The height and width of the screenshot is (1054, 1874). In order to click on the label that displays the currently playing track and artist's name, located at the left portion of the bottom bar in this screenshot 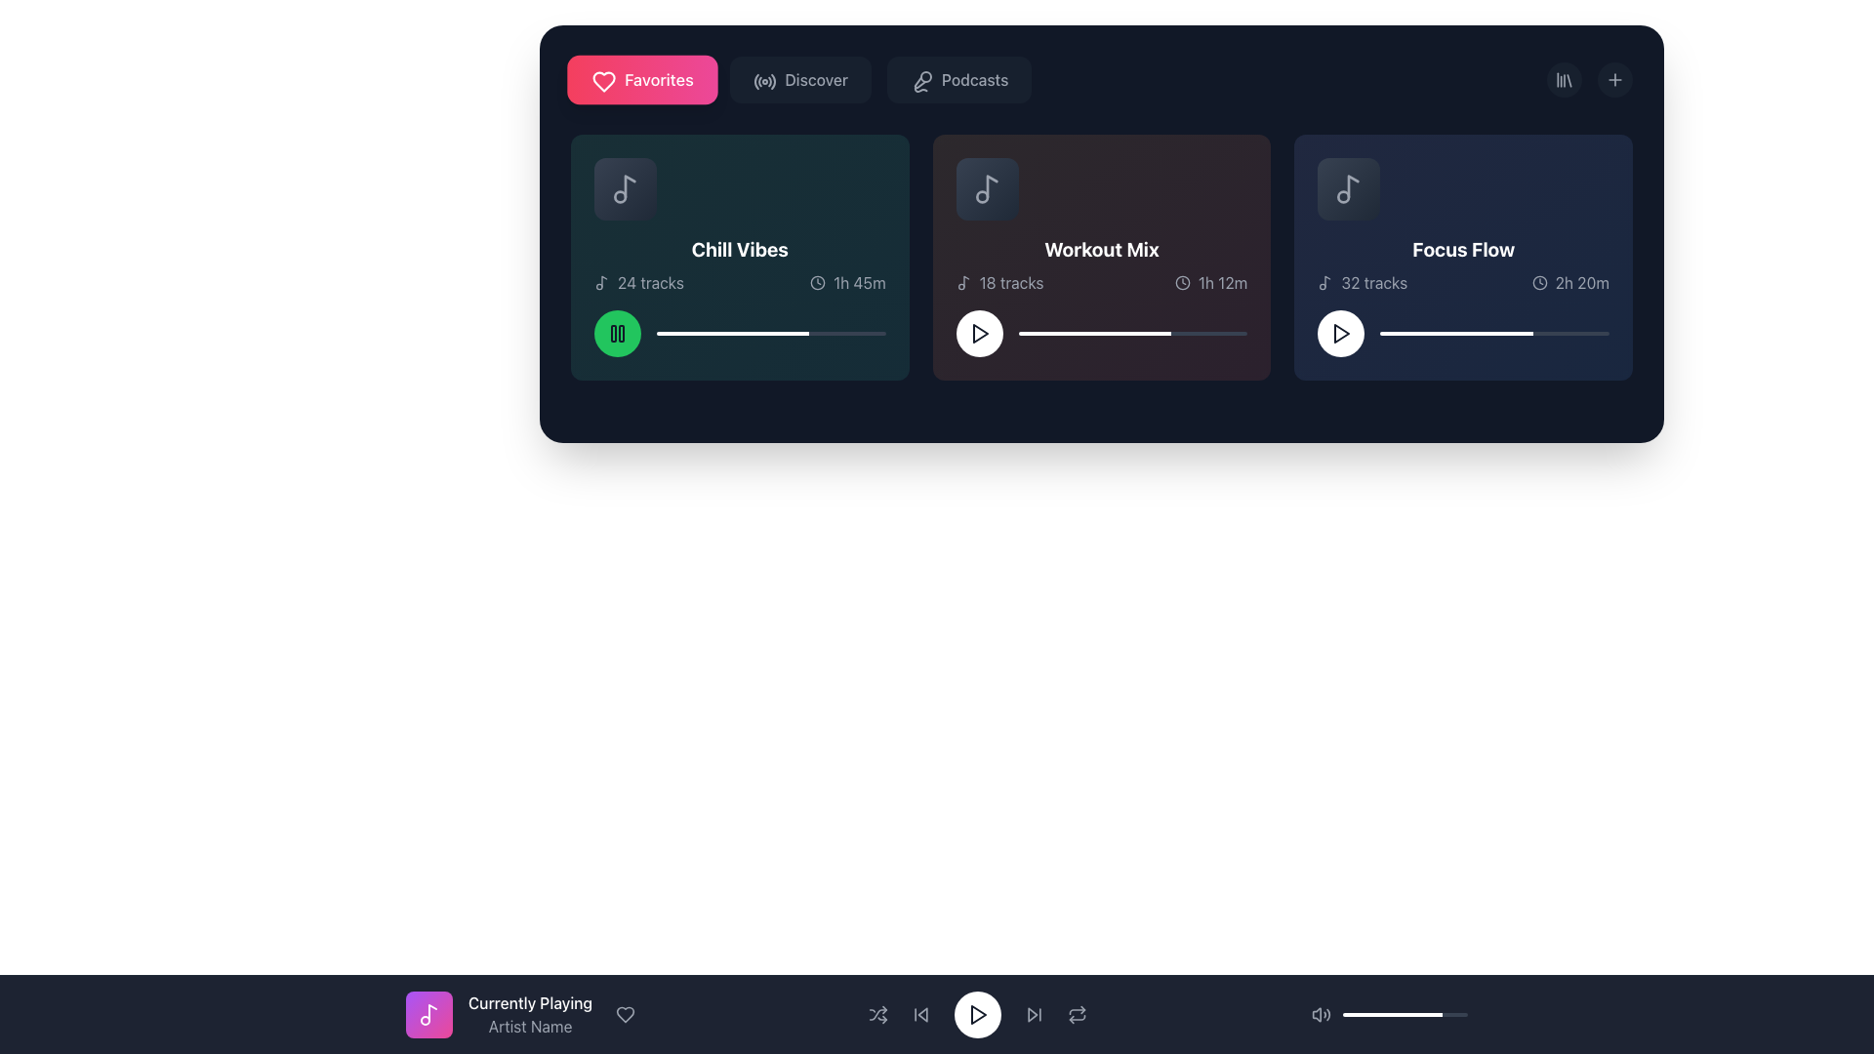, I will do `click(937, 1014)`.